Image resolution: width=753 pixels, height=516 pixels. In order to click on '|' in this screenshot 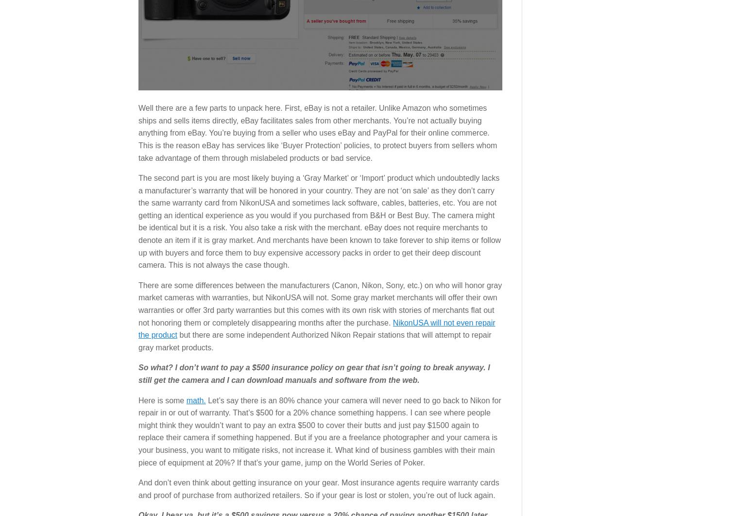, I will do `click(559, 294)`.